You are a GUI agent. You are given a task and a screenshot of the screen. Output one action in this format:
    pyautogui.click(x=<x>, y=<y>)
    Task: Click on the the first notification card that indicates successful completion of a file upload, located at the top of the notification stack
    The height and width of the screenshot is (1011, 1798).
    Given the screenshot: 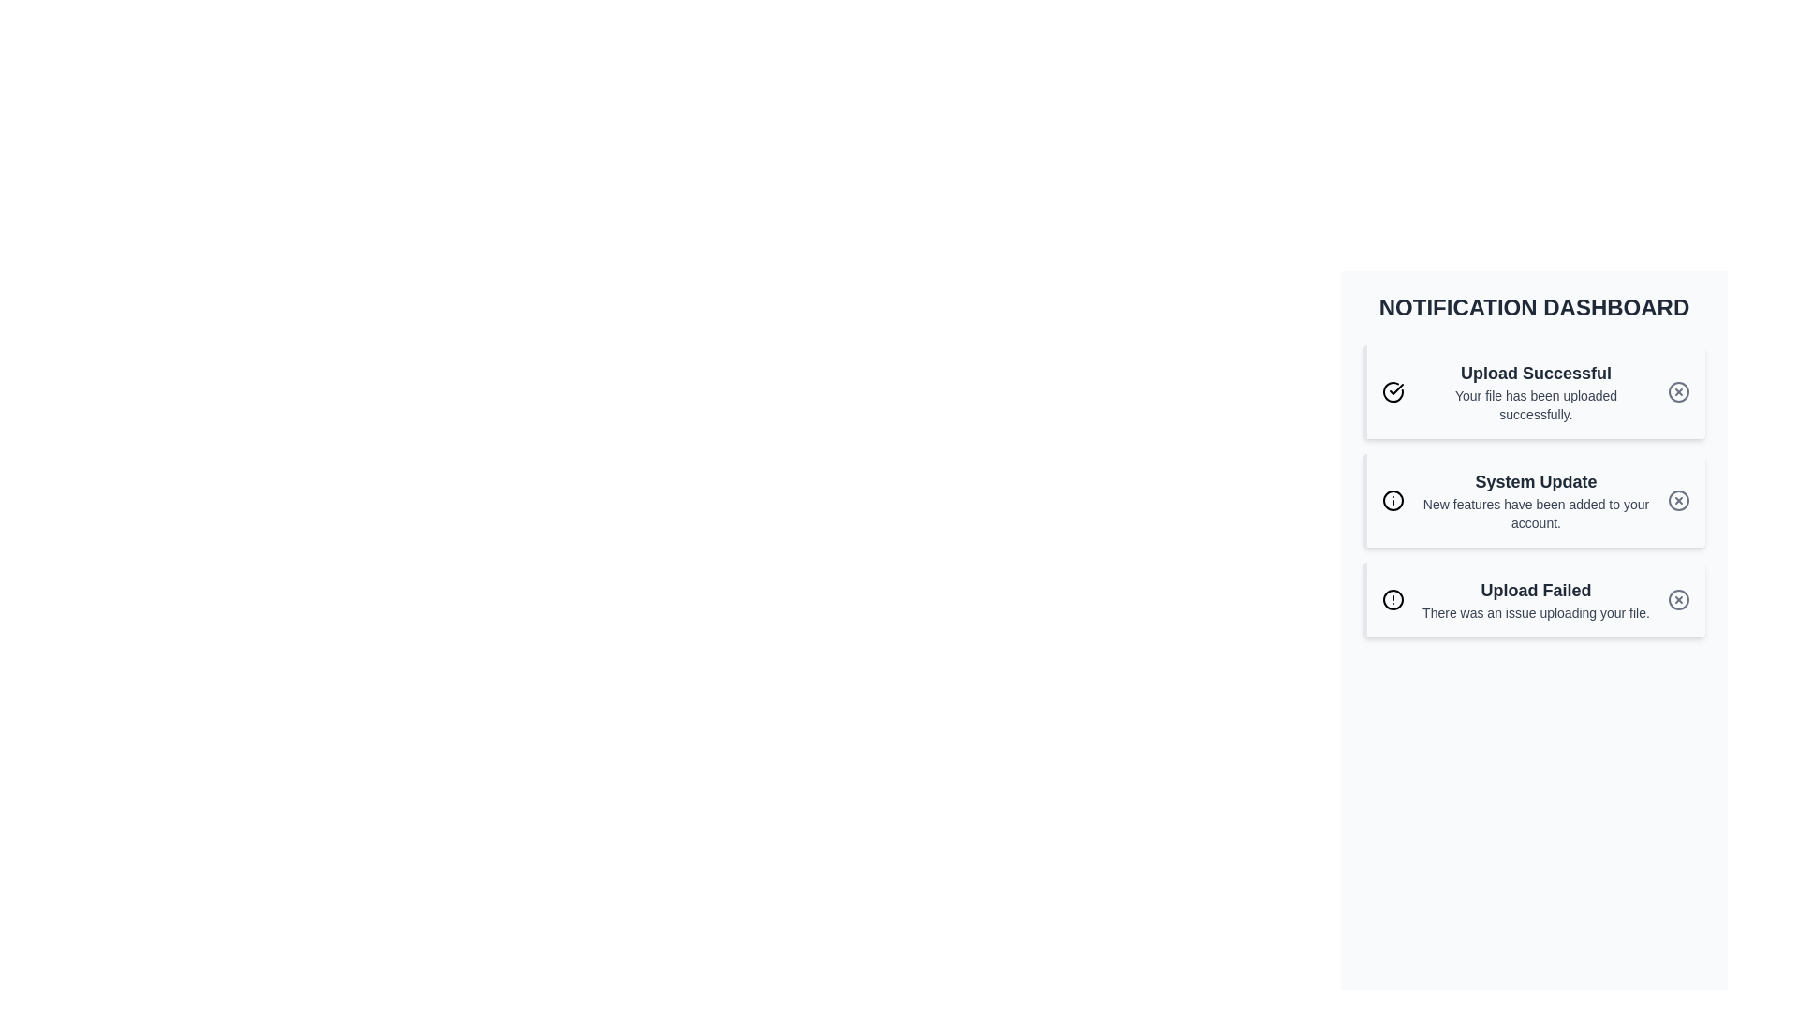 What is the action you would take?
    pyautogui.click(x=1534, y=391)
    